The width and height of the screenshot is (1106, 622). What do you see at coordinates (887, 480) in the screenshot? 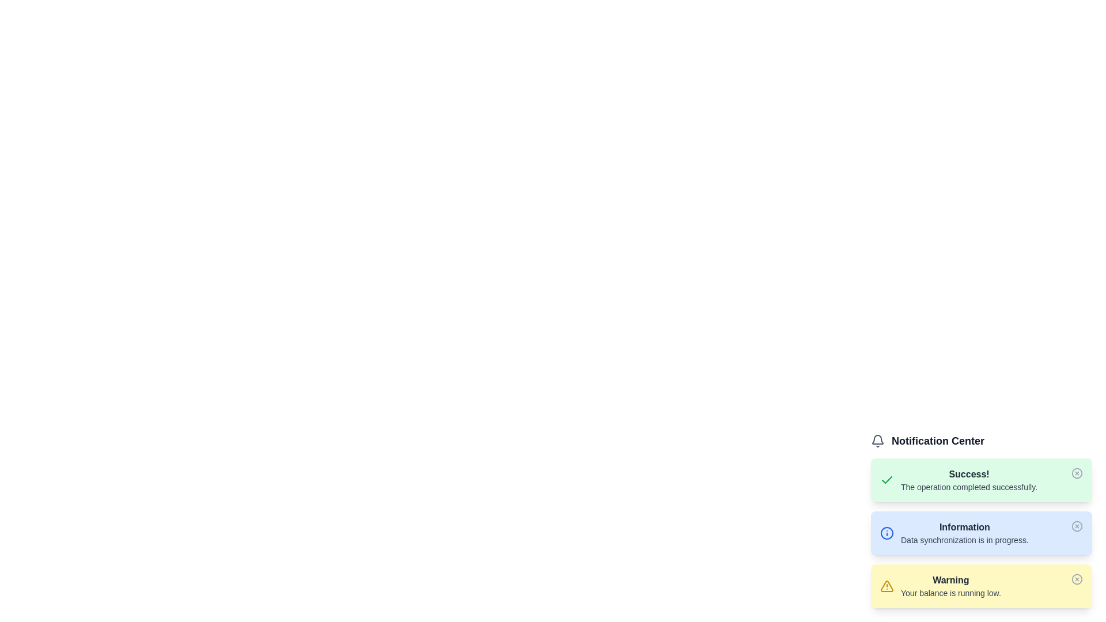
I see `the green check mark icon located in the success notification section of the Notification Center` at bounding box center [887, 480].